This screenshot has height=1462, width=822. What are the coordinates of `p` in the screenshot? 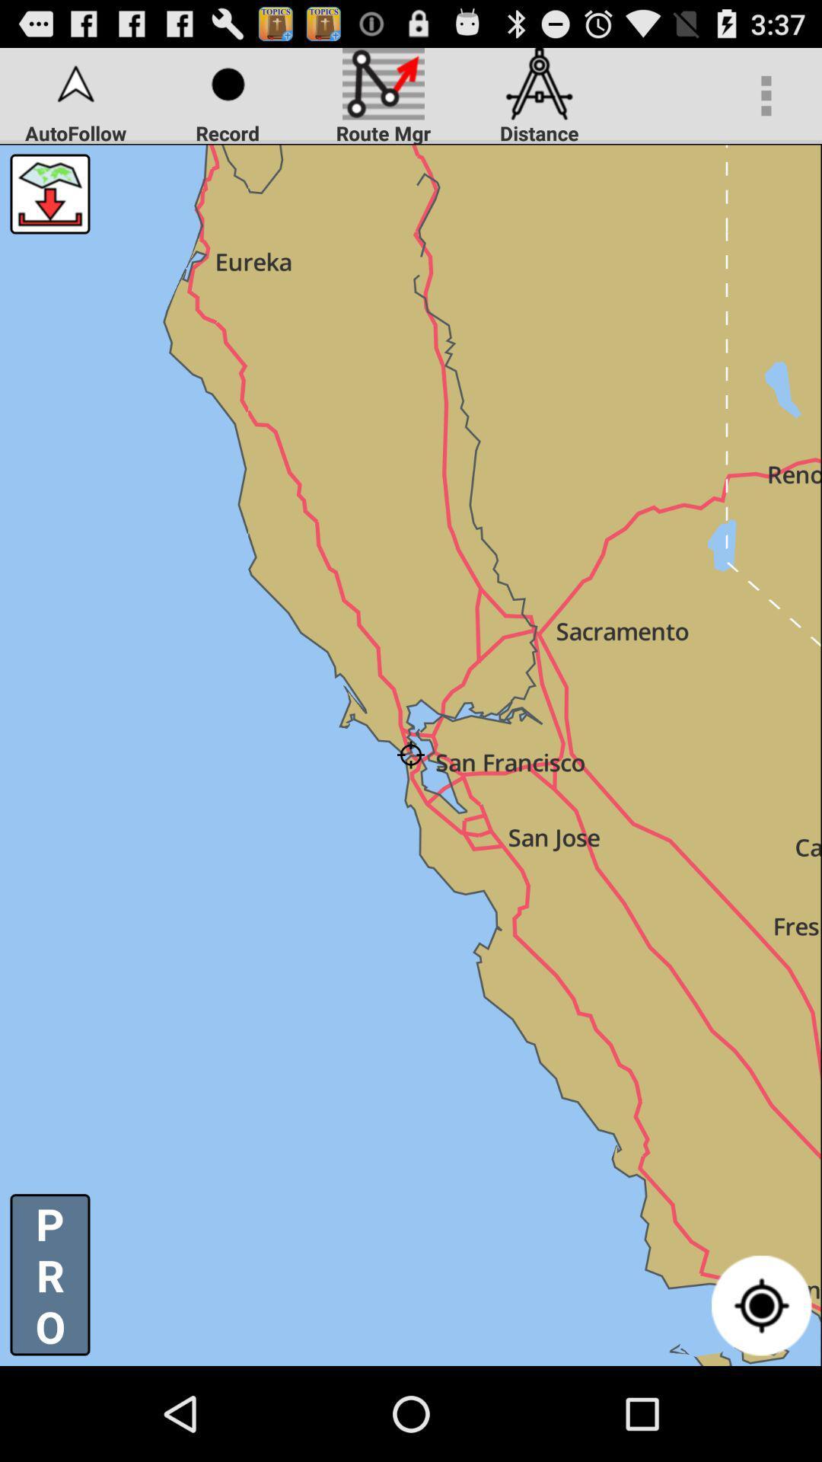 It's located at (49, 1275).